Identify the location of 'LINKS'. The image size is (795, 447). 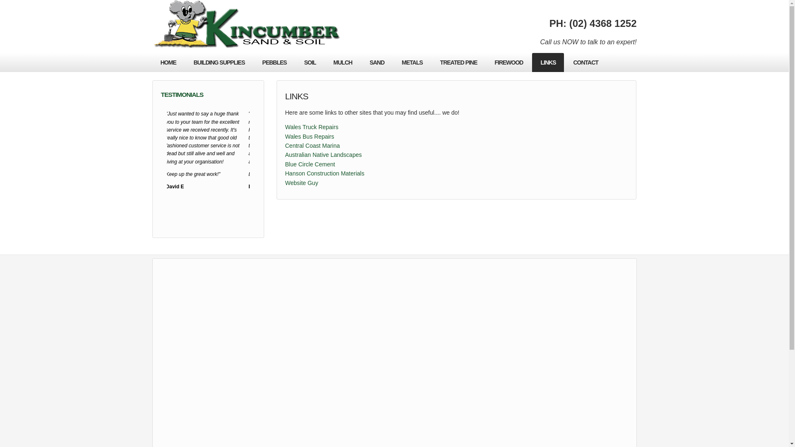
(548, 62).